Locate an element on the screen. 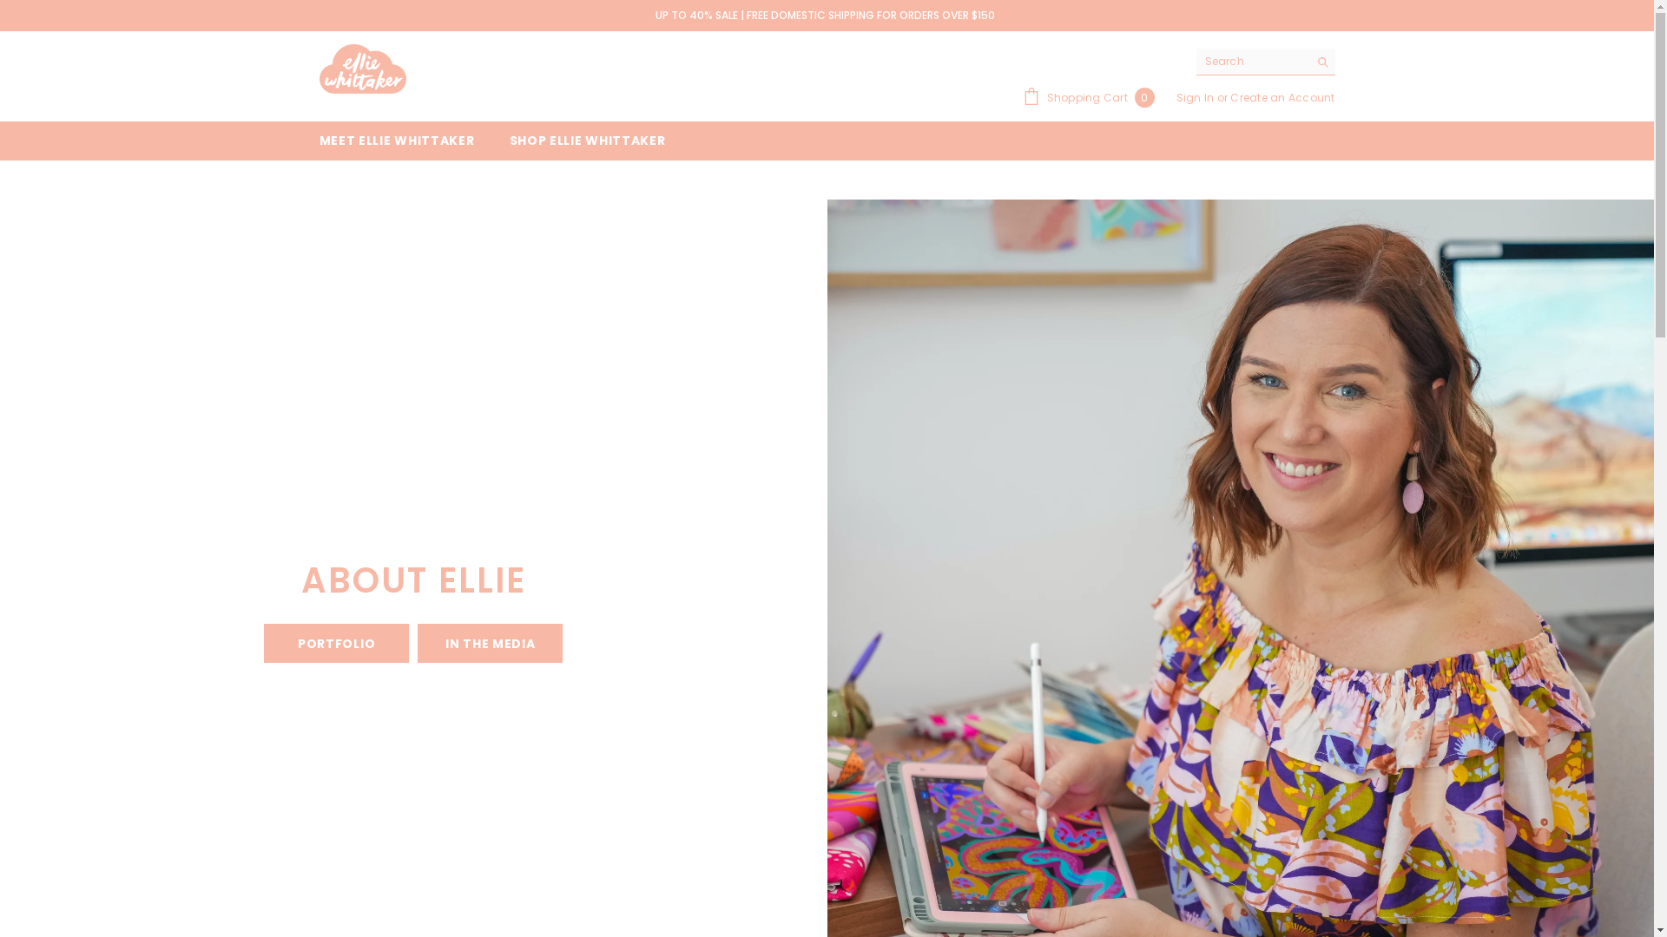 The image size is (1667, 937). 'IN THE MEDIA' is located at coordinates (489, 643).